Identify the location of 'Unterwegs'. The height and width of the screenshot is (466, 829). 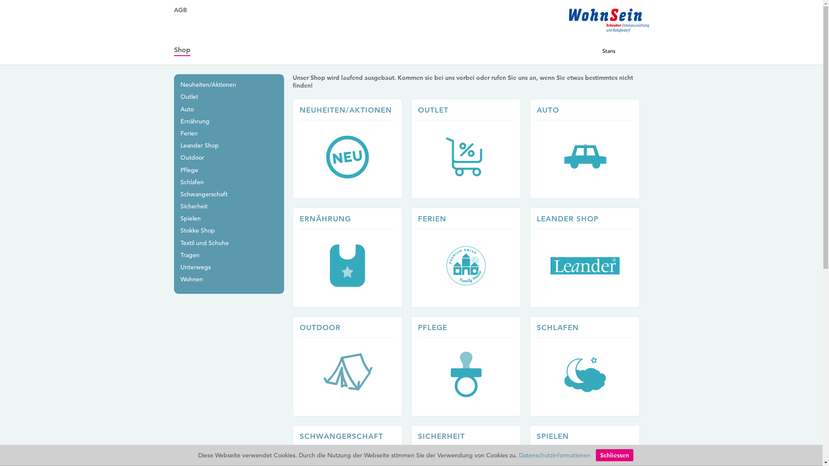
(180, 266).